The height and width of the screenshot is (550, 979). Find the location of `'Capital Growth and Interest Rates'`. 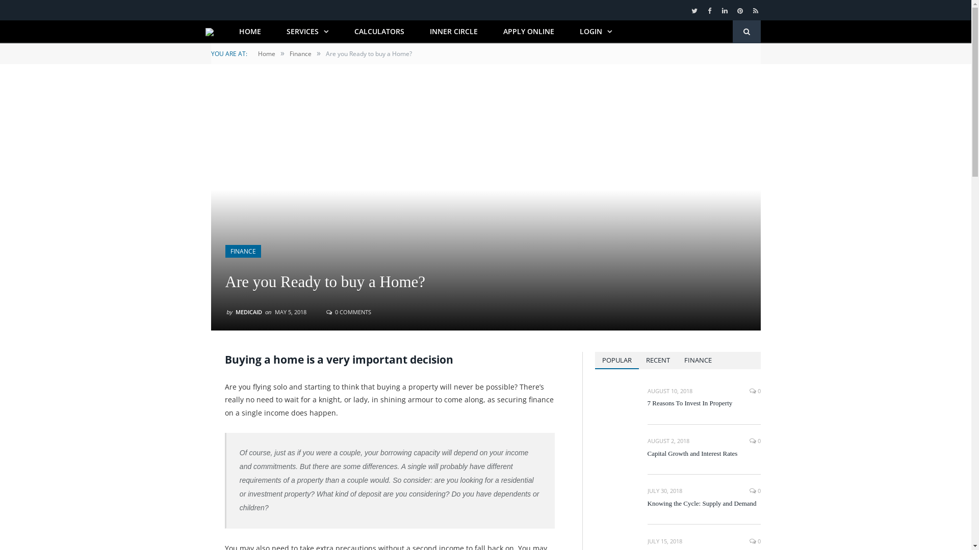

'Capital Growth and Interest Rates' is located at coordinates (704, 453).